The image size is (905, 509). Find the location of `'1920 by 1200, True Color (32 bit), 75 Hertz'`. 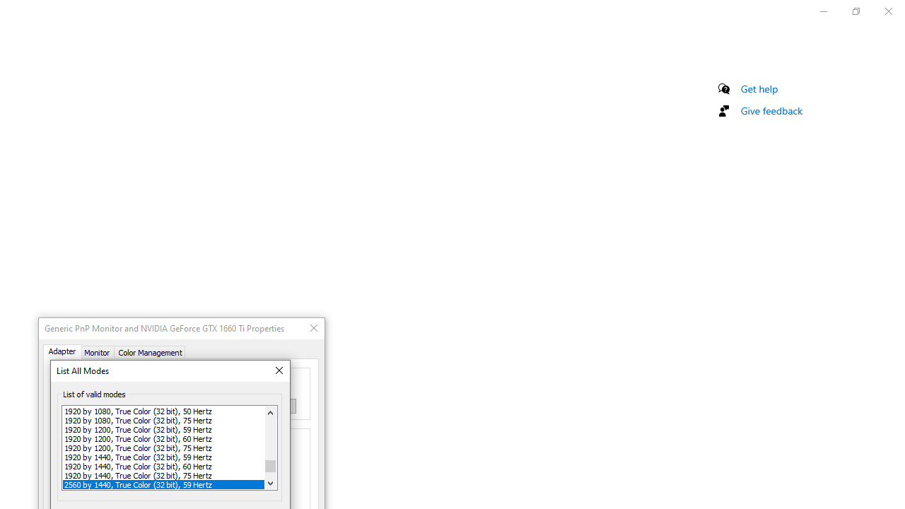

'1920 by 1200, True Color (32 bit), 75 Hertz' is located at coordinates (163, 447).